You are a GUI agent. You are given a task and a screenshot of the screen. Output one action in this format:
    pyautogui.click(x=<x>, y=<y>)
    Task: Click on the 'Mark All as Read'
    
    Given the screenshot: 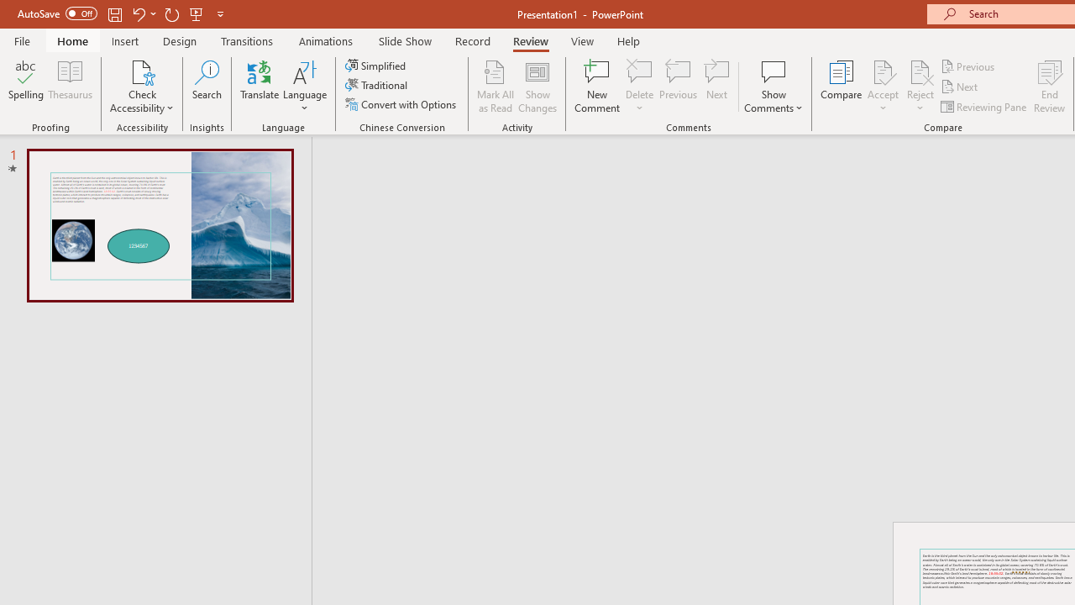 What is the action you would take?
    pyautogui.click(x=495, y=87)
    